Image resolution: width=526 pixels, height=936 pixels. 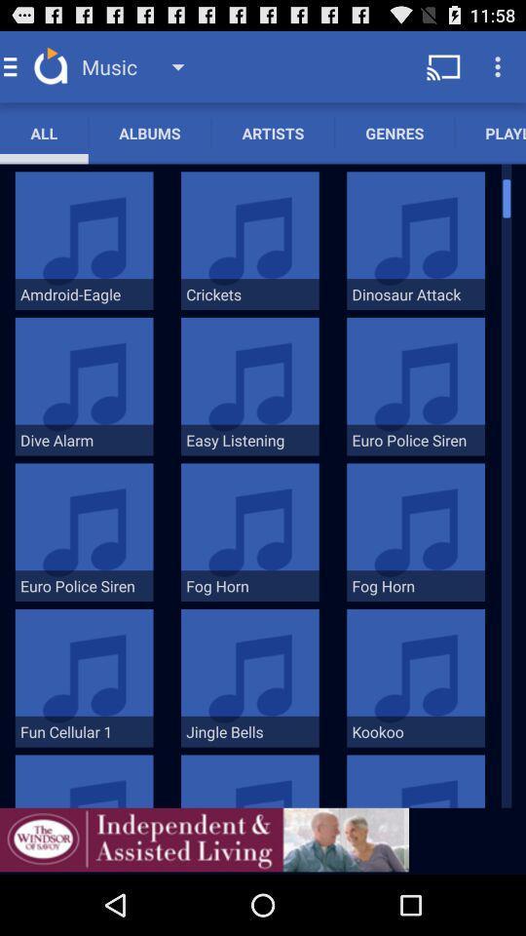 I want to click on addverdisment, so click(x=204, y=838).